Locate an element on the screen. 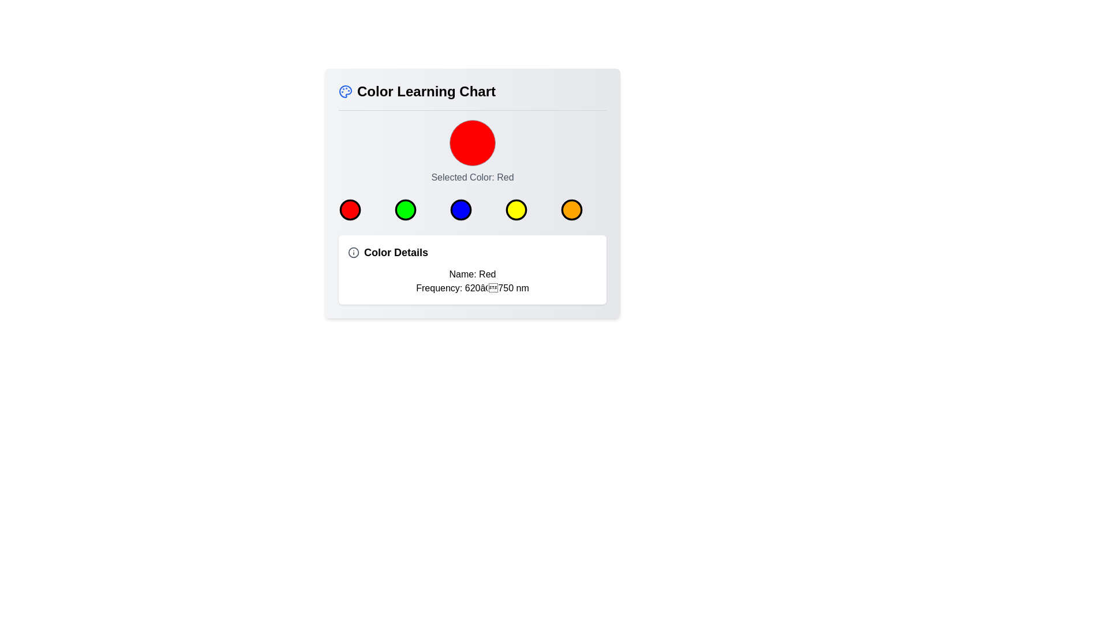  the yellow circular icon with a black border, which is the fourth circle in a horizontal layout of five circles is located at coordinates (515, 209).